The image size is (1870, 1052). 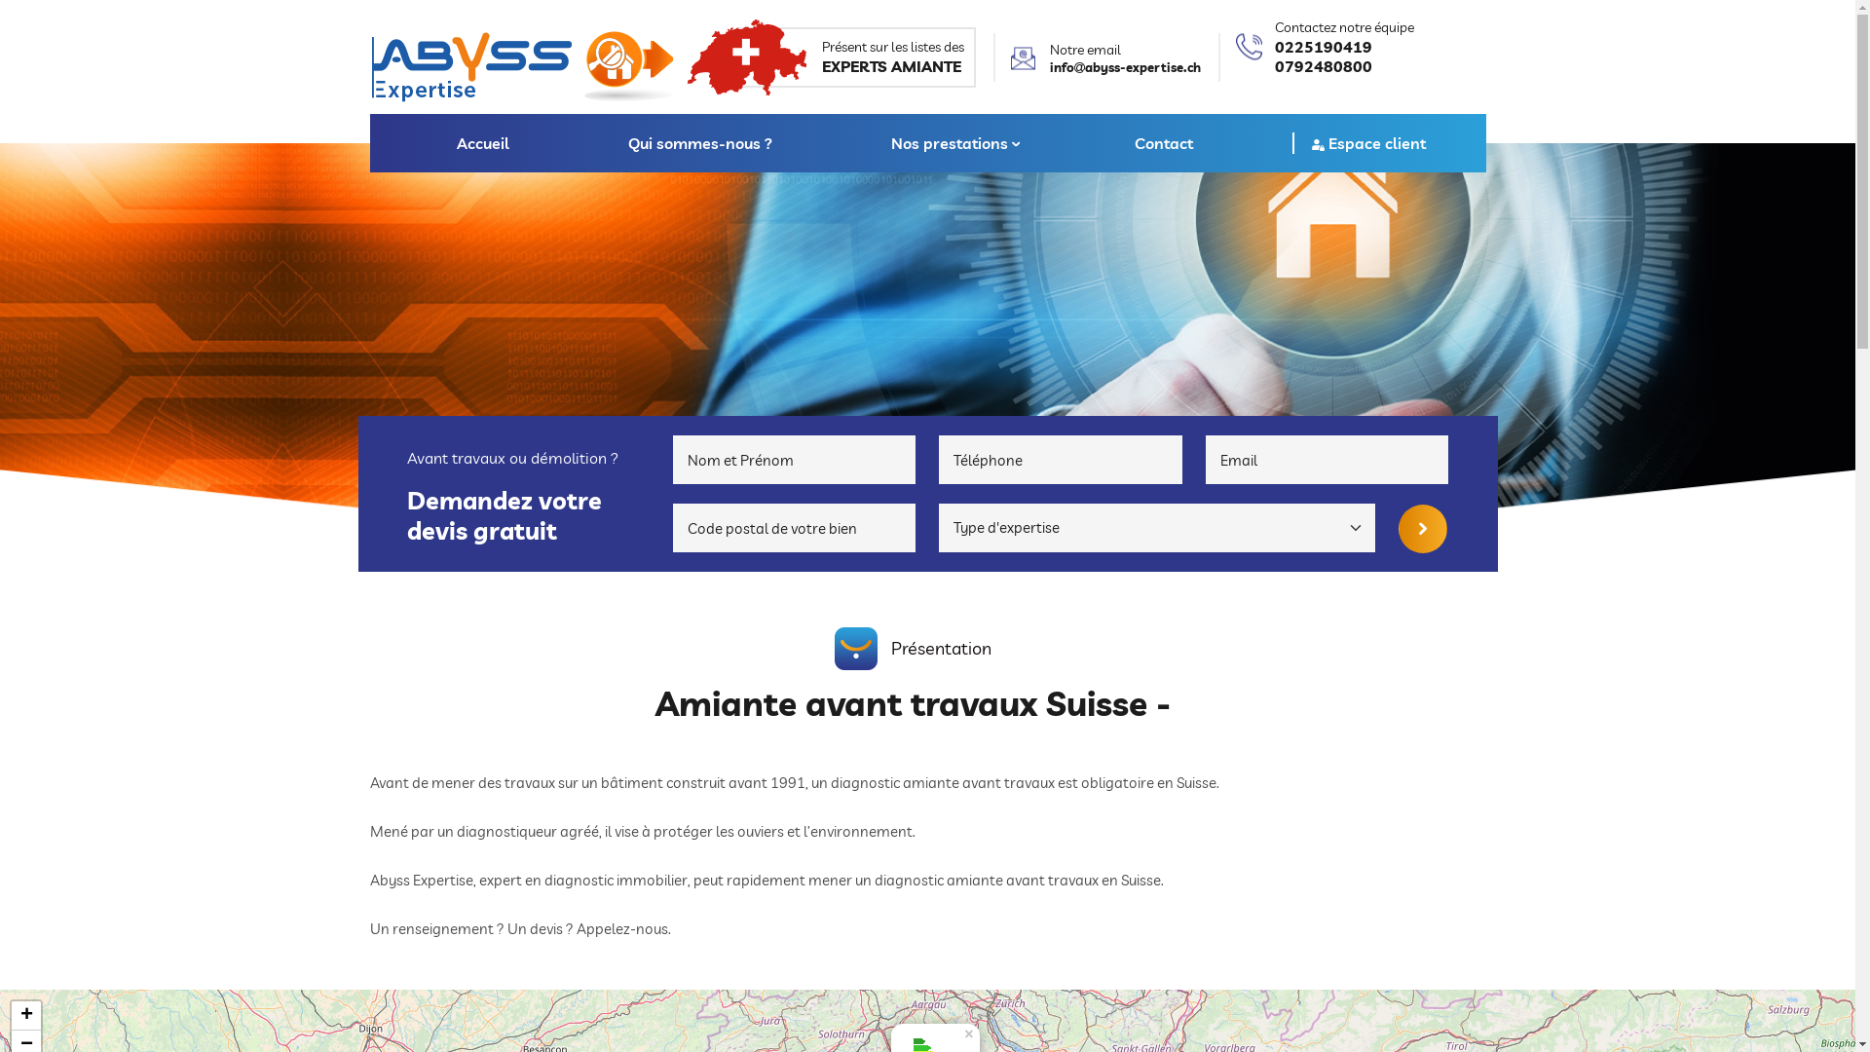 What do you see at coordinates (1422, 529) in the screenshot?
I see `'Send'` at bounding box center [1422, 529].